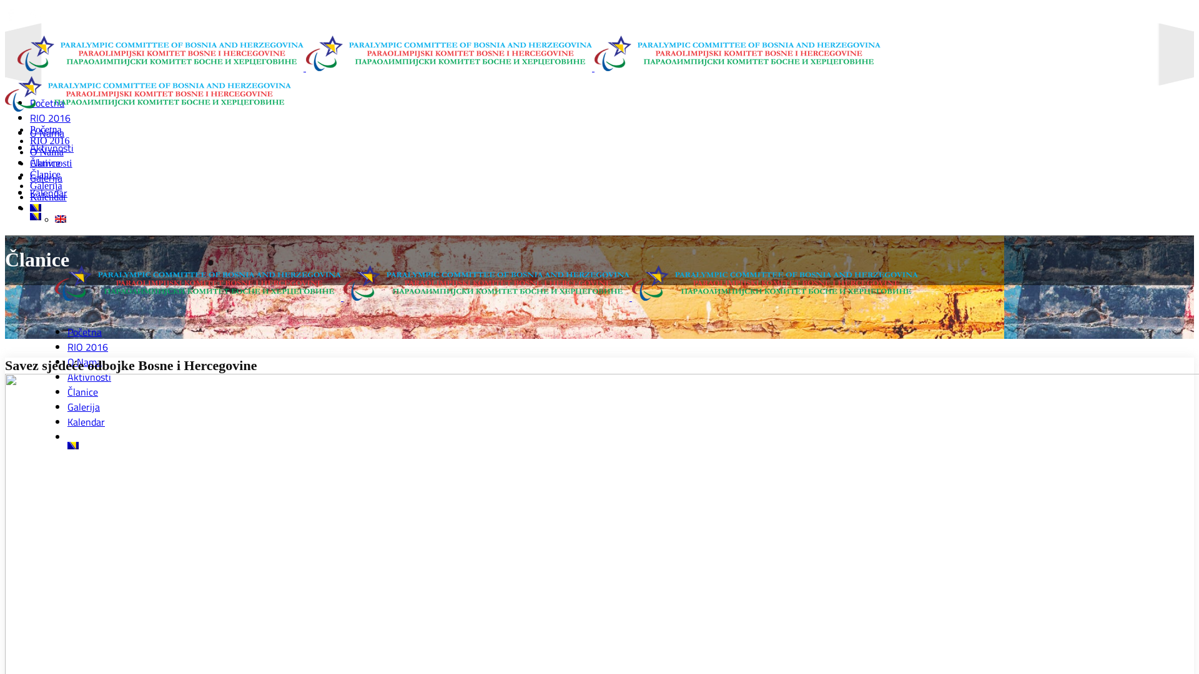  Describe the element at coordinates (50, 162) in the screenshot. I see `'Aktivnosti'` at that location.